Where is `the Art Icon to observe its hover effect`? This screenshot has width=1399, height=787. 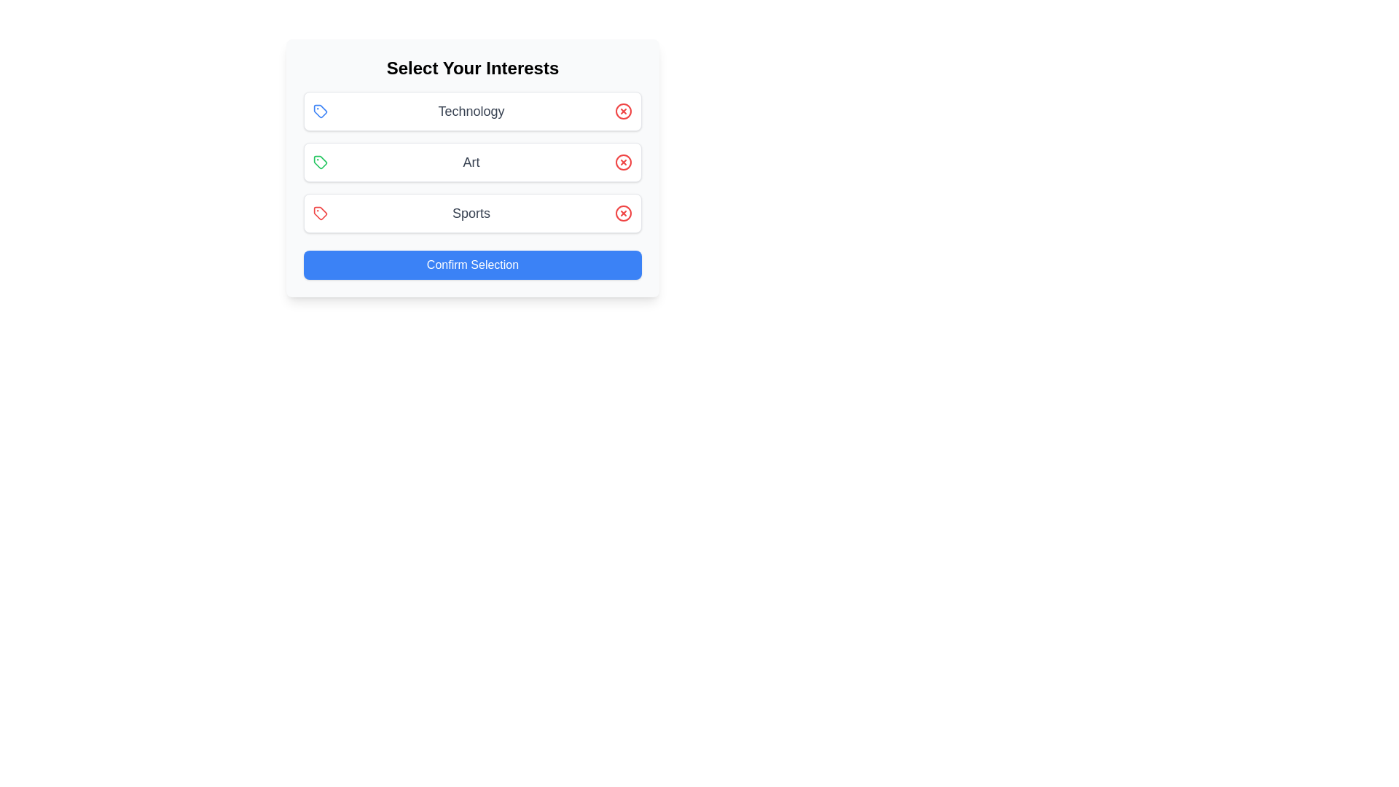 the Art Icon to observe its hover effect is located at coordinates (320, 163).